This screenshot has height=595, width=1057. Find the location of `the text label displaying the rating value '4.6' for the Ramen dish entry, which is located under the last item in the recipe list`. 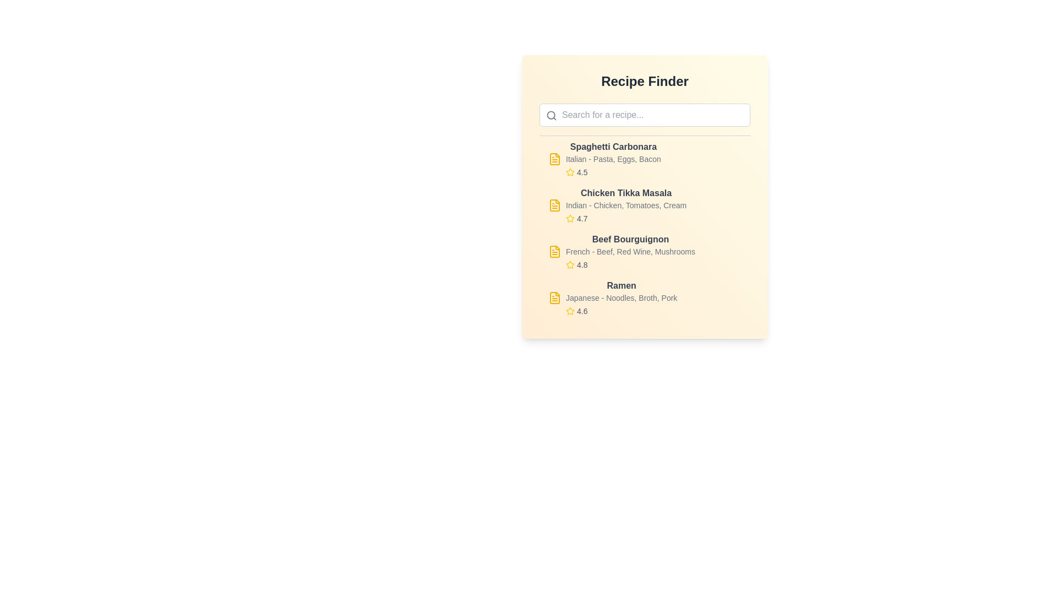

the text label displaying the rating value '4.6' for the Ramen dish entry, which is located under the last item in the recipe list is located at coordinates (581, 311).